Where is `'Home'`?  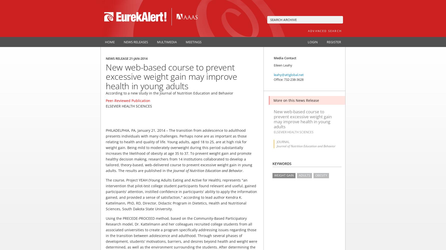
'Home' is located at coordinates (104, 42).